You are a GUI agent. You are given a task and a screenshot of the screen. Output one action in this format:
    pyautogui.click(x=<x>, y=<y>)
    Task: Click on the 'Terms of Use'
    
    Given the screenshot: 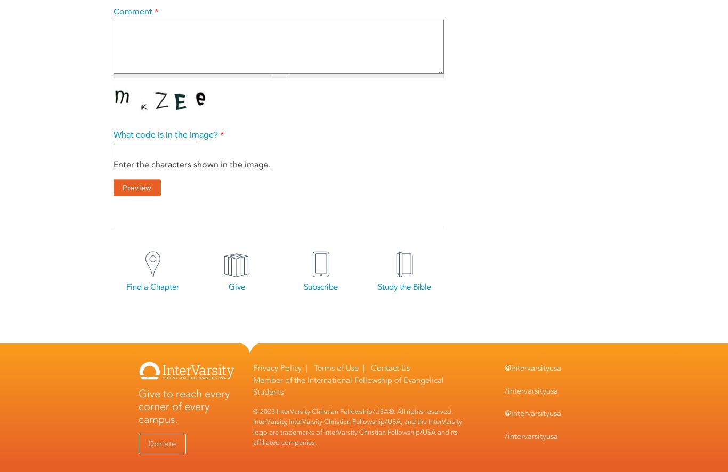 What is the action you would take?
    pyautogui.click(x=335, y=367)
    